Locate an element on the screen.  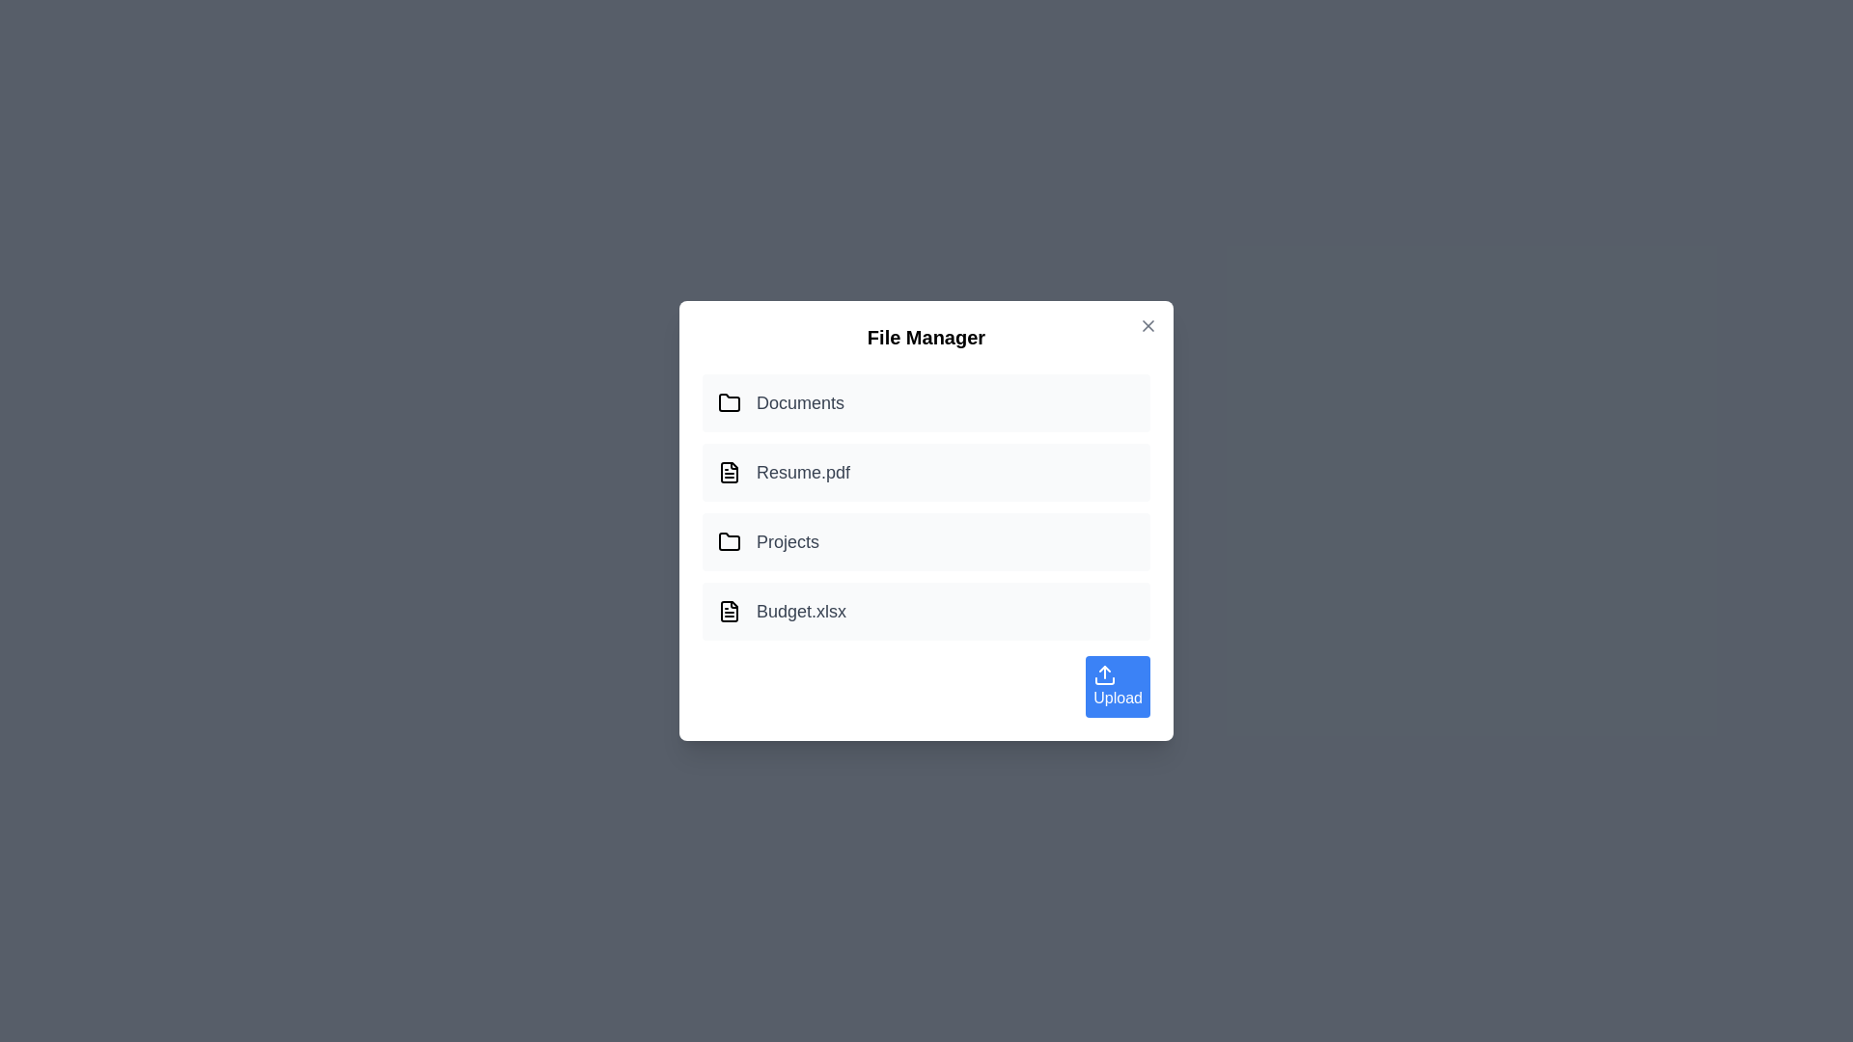
the item Documents from the list is located at coordinates (926, 401).